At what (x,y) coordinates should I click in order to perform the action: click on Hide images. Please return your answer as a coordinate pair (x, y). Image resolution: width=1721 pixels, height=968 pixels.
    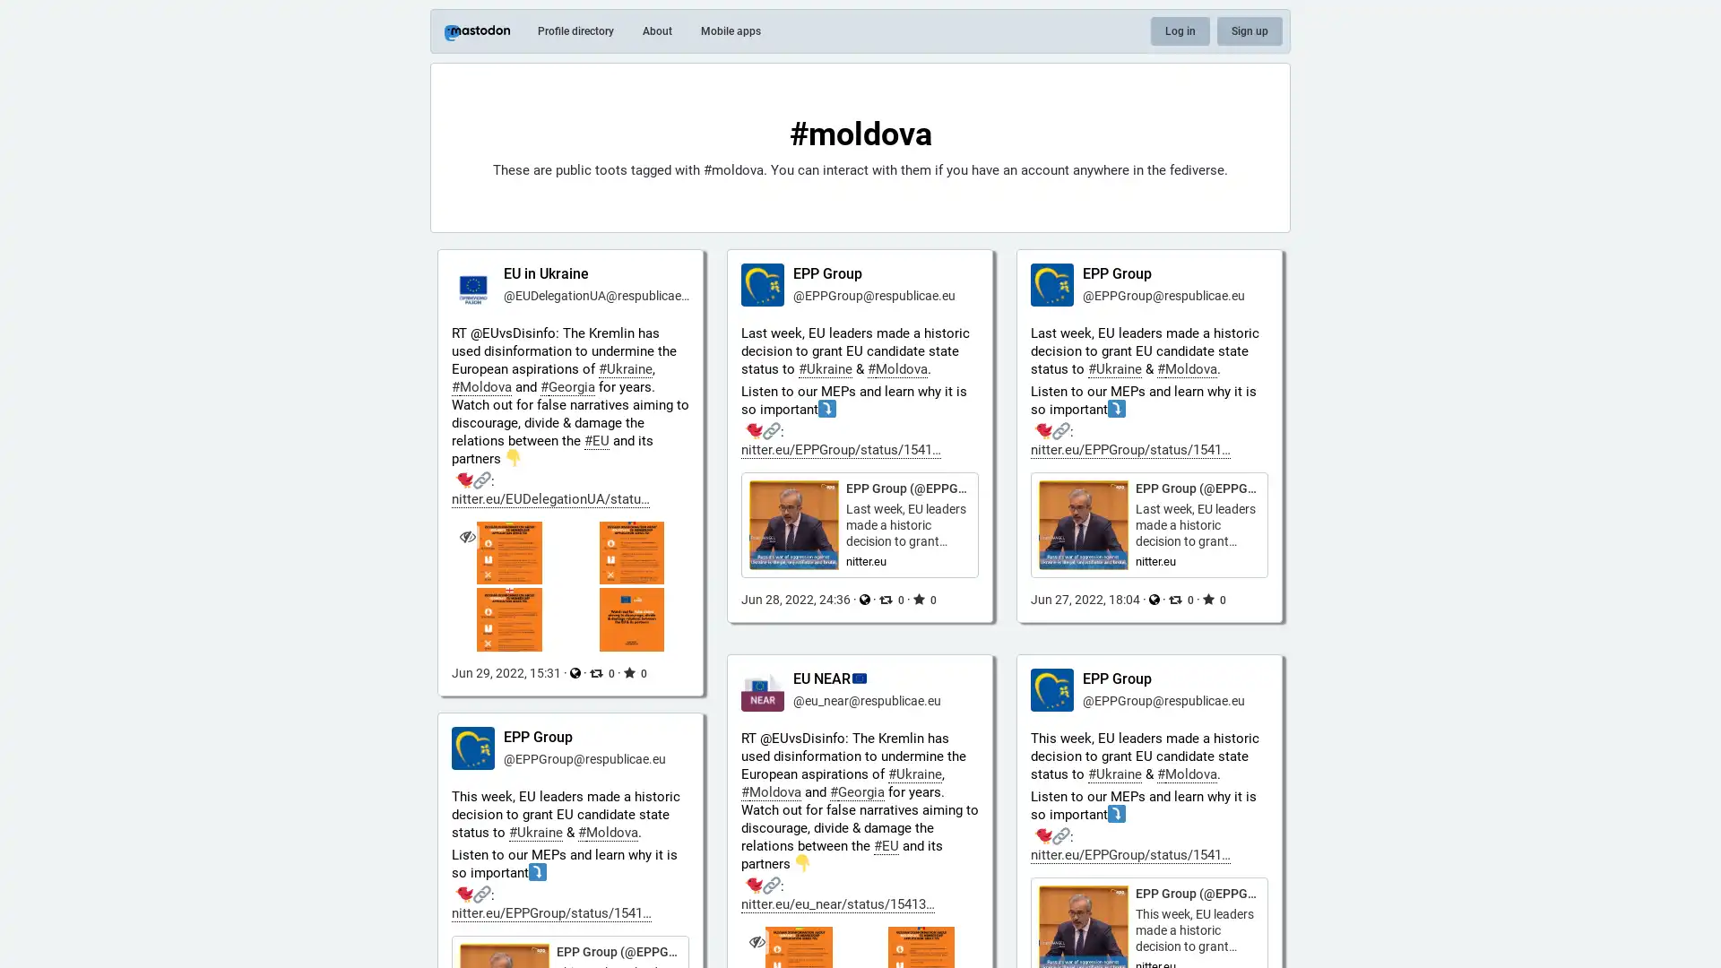
    Looking at the image, I should click on (467, 535).